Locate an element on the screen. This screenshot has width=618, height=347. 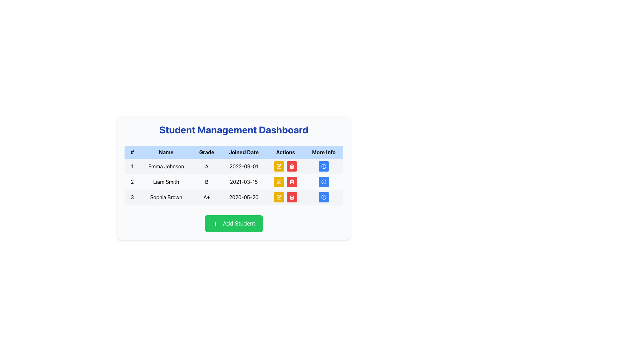
the delete icon button in the Actions column for Sophia Brown is located at coordinates (292, 197).